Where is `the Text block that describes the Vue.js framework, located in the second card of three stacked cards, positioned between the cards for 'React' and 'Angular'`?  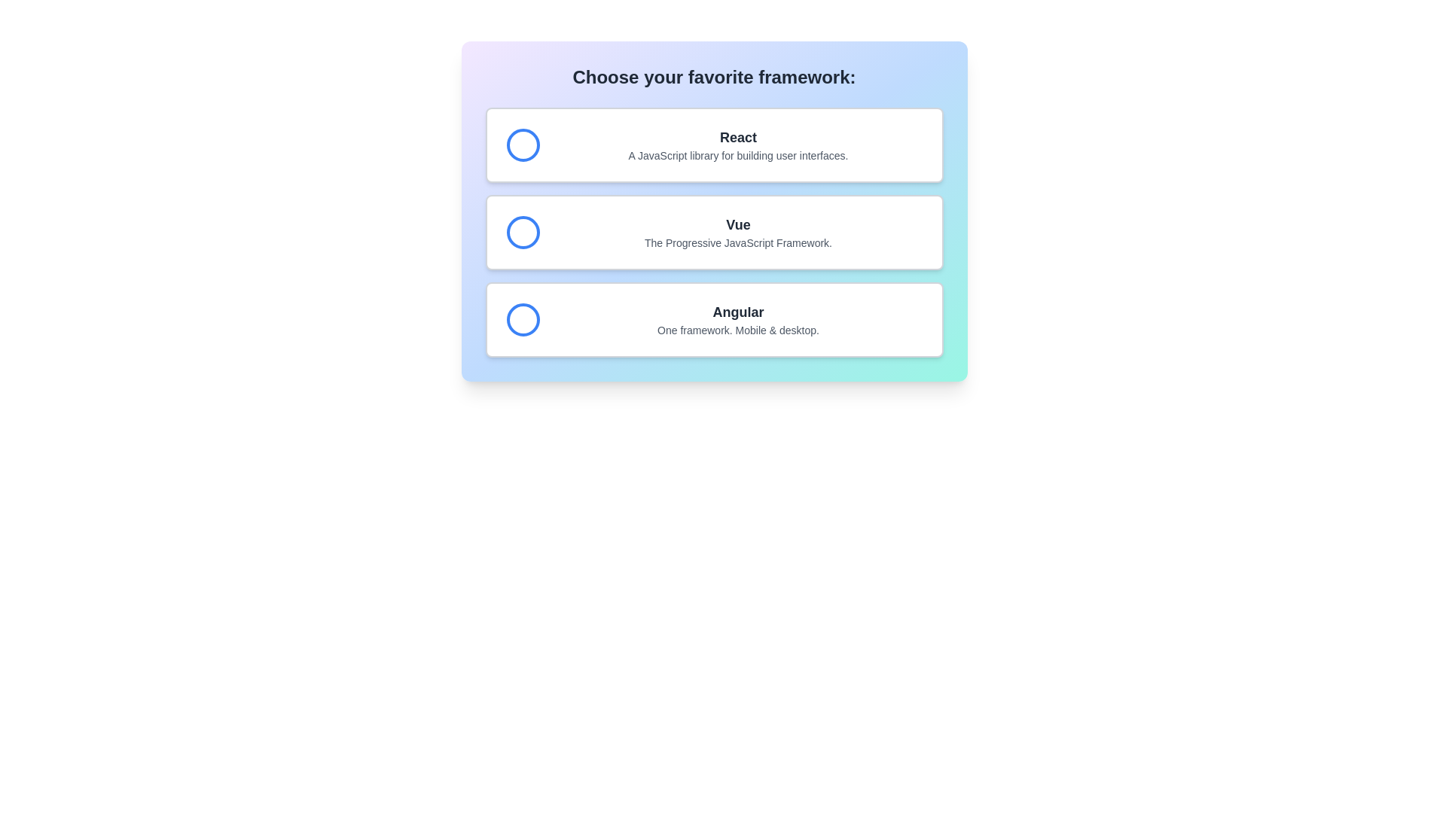
the Text block that describes the Vue.js framework, located in the second card of three stacked cards, positioned between the cards for 'React' and 'Angular' is located at coordinates (738, 232).